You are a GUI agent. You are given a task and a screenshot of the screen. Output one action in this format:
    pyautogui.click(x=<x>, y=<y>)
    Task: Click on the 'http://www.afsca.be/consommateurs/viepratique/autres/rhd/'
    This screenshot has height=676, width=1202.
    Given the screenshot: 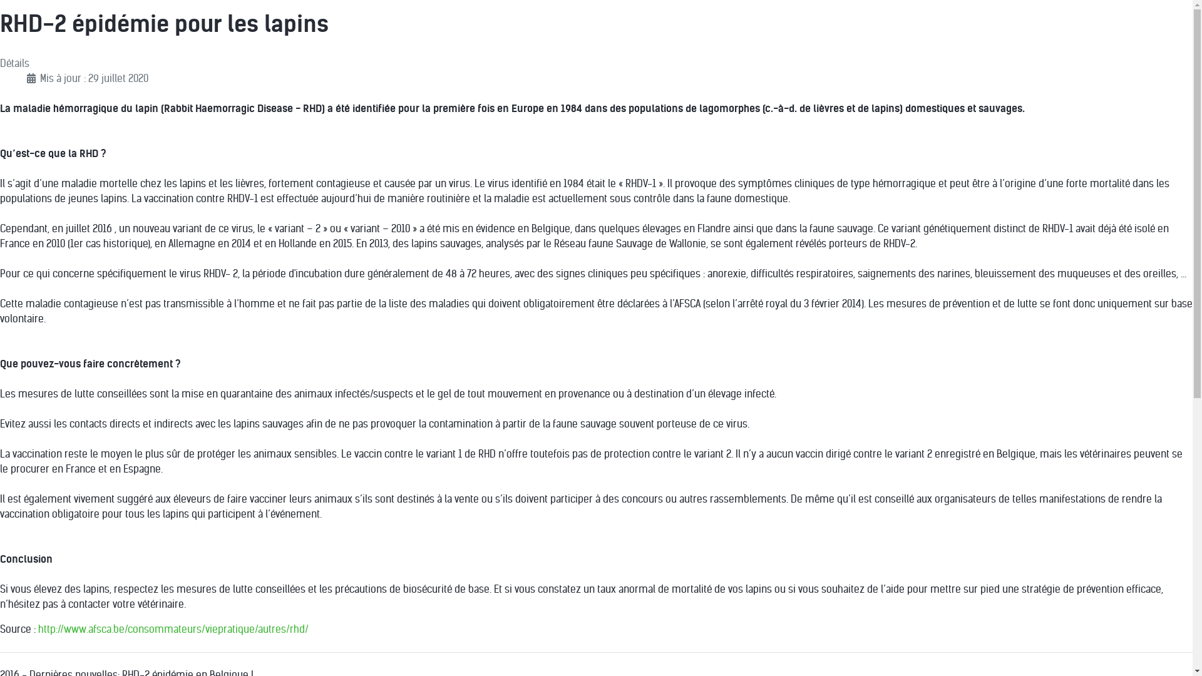 What is the action you would take?
    pyautogui.click(x=173, y=629)
    